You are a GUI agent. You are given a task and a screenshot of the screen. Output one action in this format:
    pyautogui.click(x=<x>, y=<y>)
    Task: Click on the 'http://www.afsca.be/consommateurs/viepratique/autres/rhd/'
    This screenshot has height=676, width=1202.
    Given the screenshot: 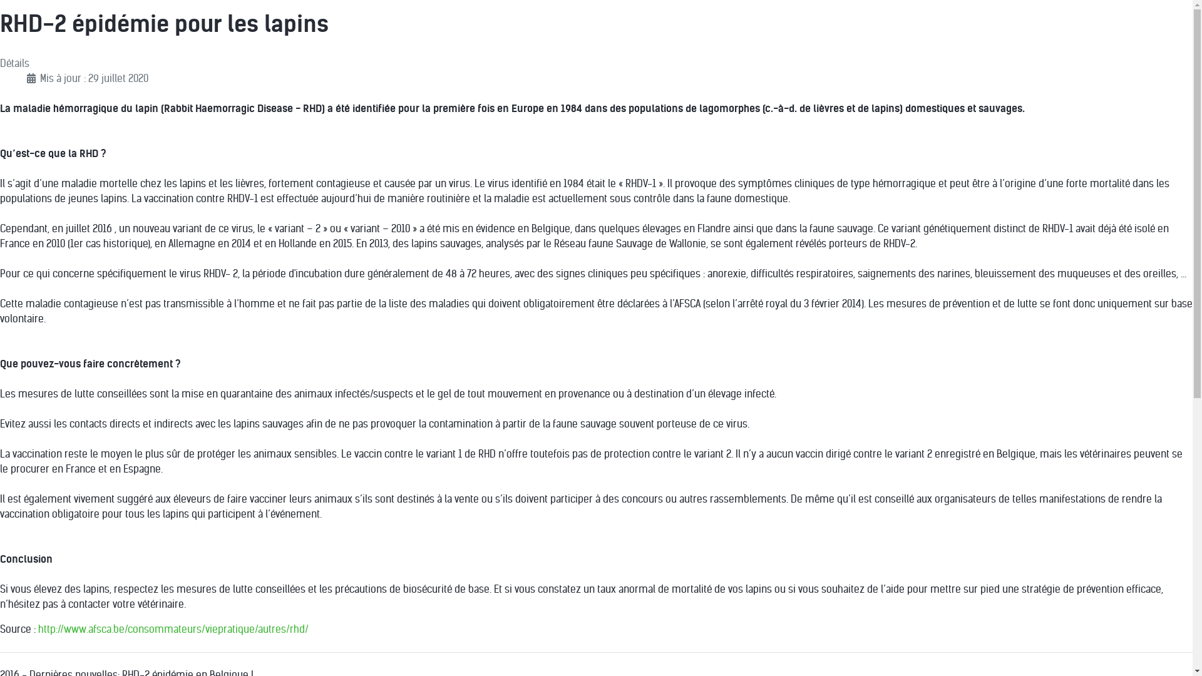 What is the action you would take?
    pyautogui.click(x=173, y=629)
    